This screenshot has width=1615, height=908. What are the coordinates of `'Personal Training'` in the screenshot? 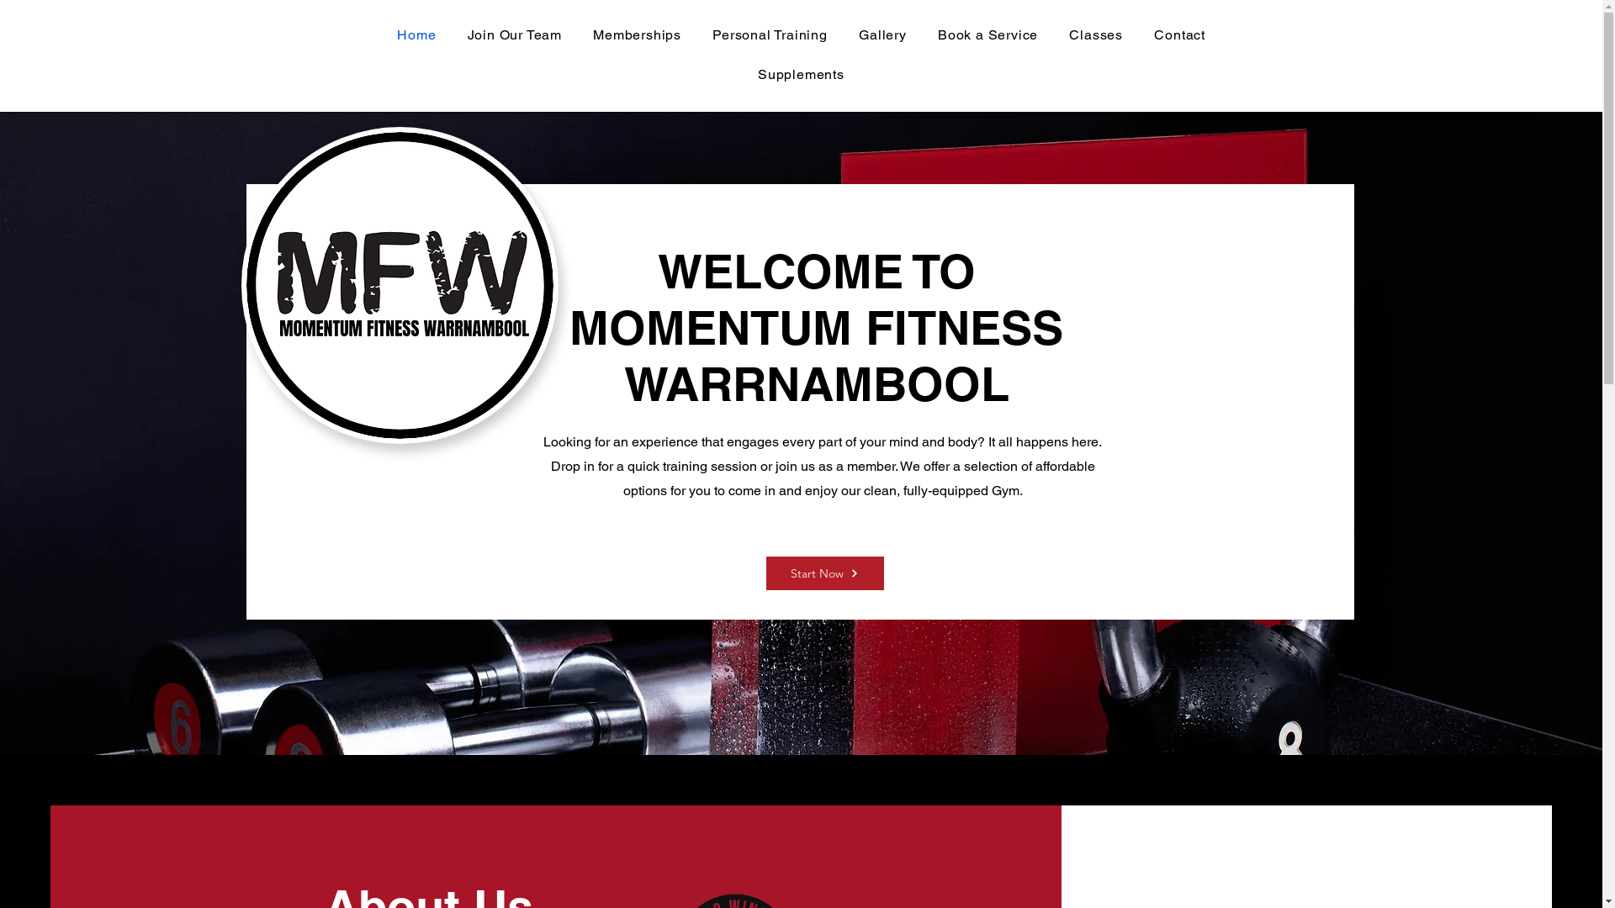 It's located at (770, 34).